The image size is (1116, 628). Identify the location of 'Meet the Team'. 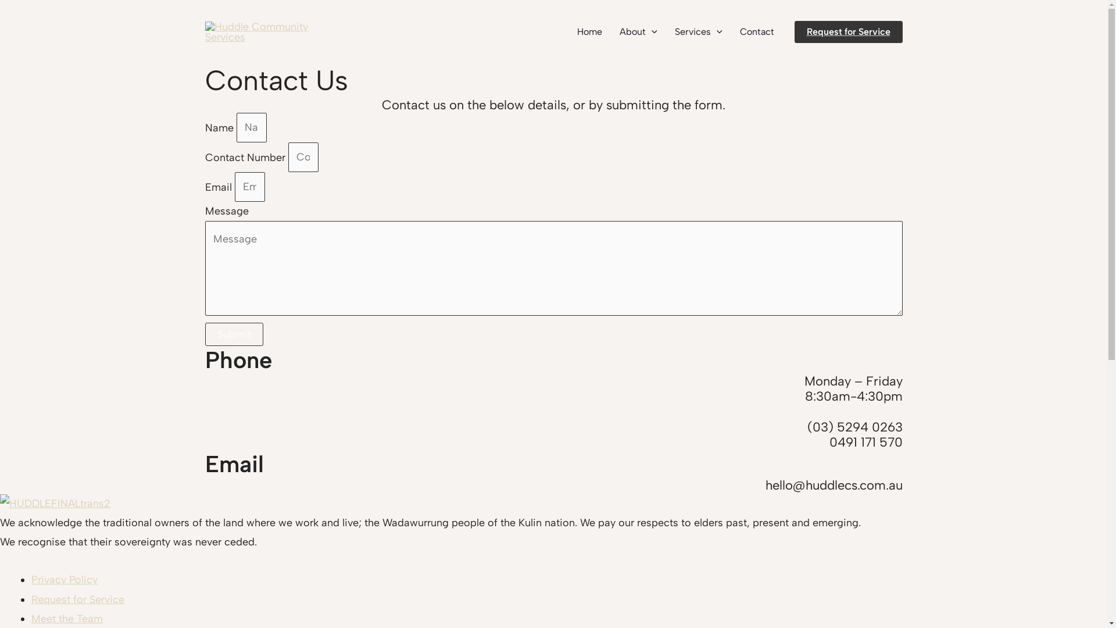
(66, 618).